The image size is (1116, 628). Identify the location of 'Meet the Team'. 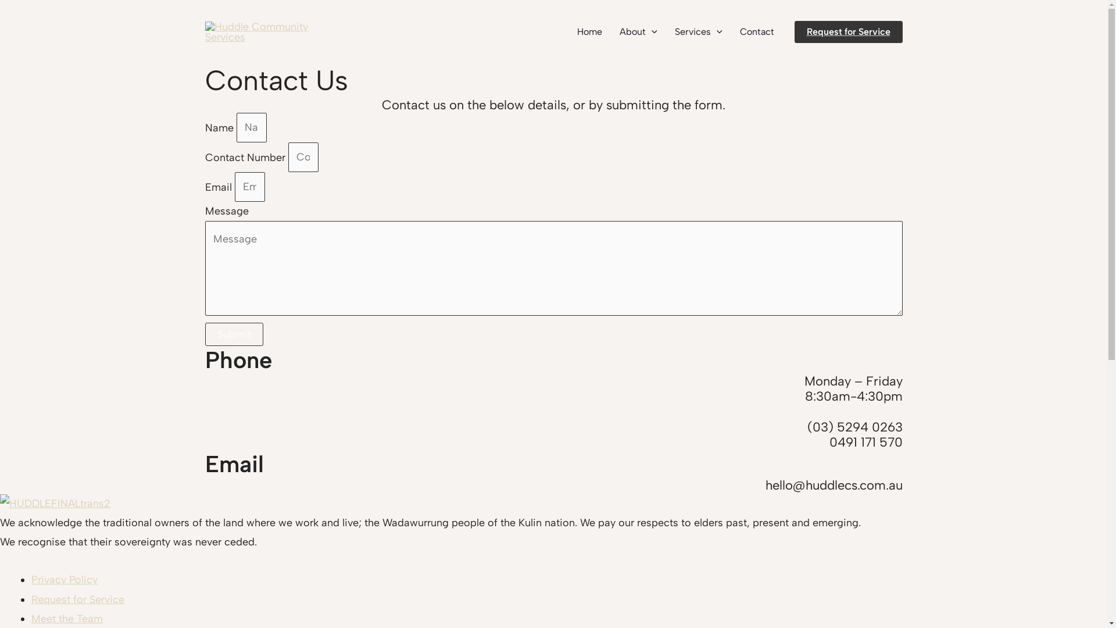
(66, 618).